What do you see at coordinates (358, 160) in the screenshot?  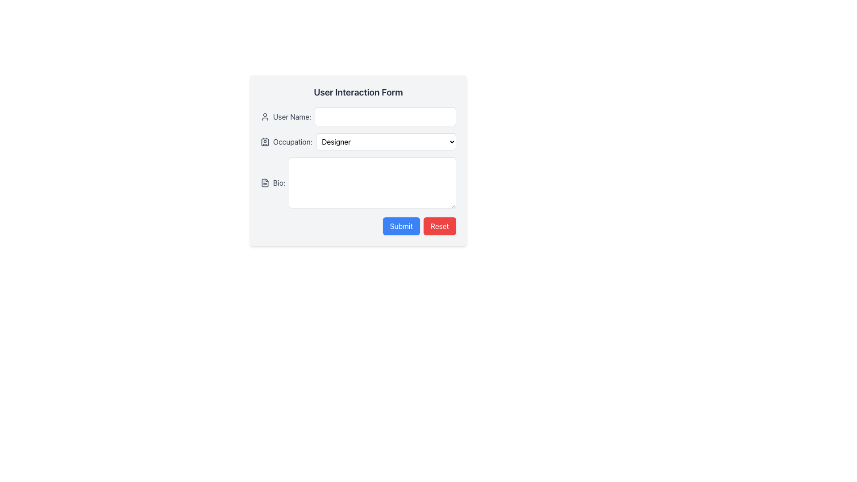 I see `the interactive form that collects user input, including fields for username, occupation, and bio` at bounding box center [358, 160].